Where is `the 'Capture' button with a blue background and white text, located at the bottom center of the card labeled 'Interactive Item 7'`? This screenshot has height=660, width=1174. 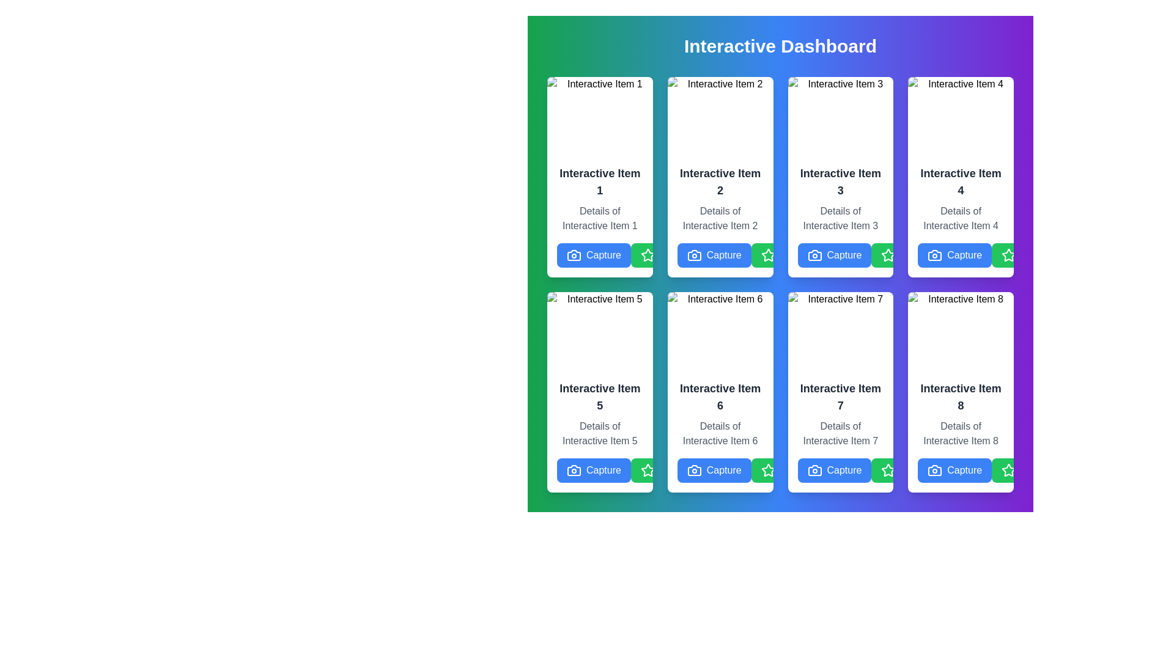 the 'Capture' button with a blue background and white text, located at the bottom center of the card labeled 'Interactive Item 7' is located at coordinates (833, 470).